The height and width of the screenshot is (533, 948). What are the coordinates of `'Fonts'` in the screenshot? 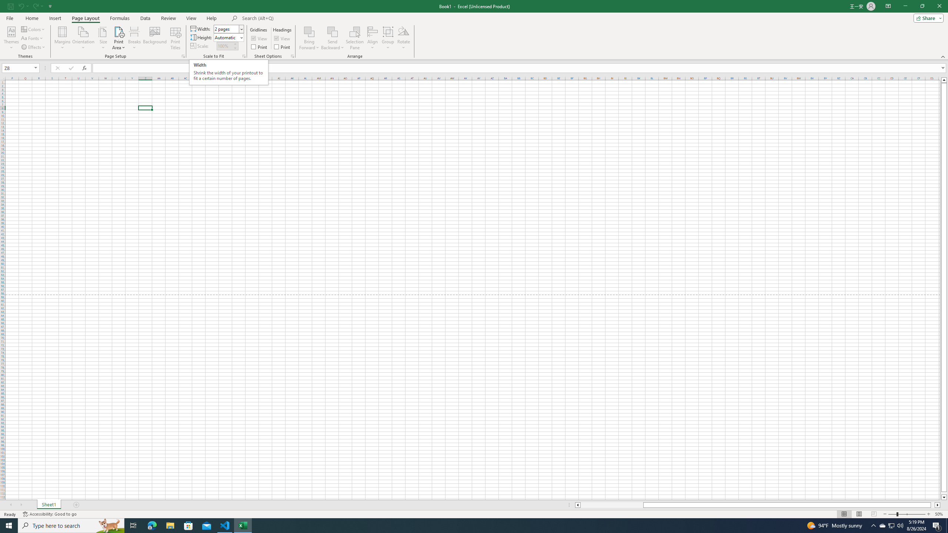 It's located at (32, 38).